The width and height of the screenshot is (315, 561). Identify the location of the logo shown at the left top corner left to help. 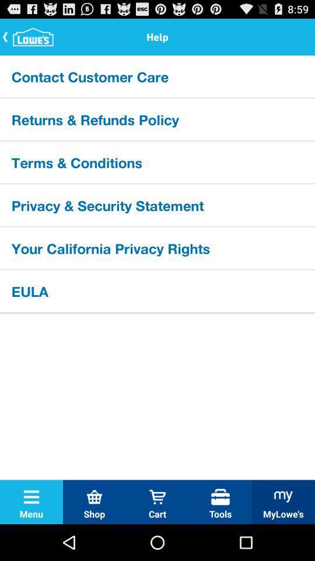
(29, 36).